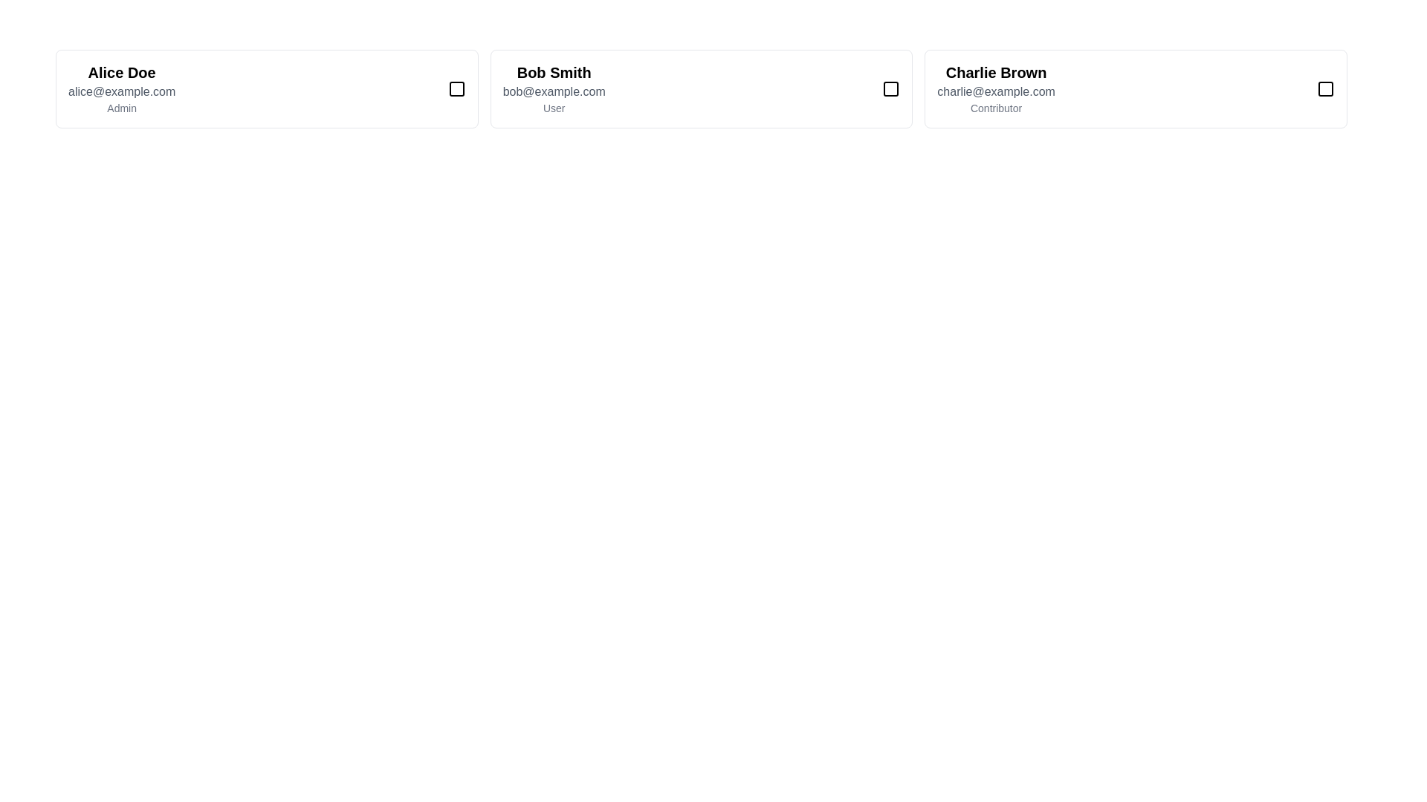  I want to click on the Text label that indicates the name of a user or an entity, positioned above the email 'bob@example.com' and the text 'User', so click(553, 72).